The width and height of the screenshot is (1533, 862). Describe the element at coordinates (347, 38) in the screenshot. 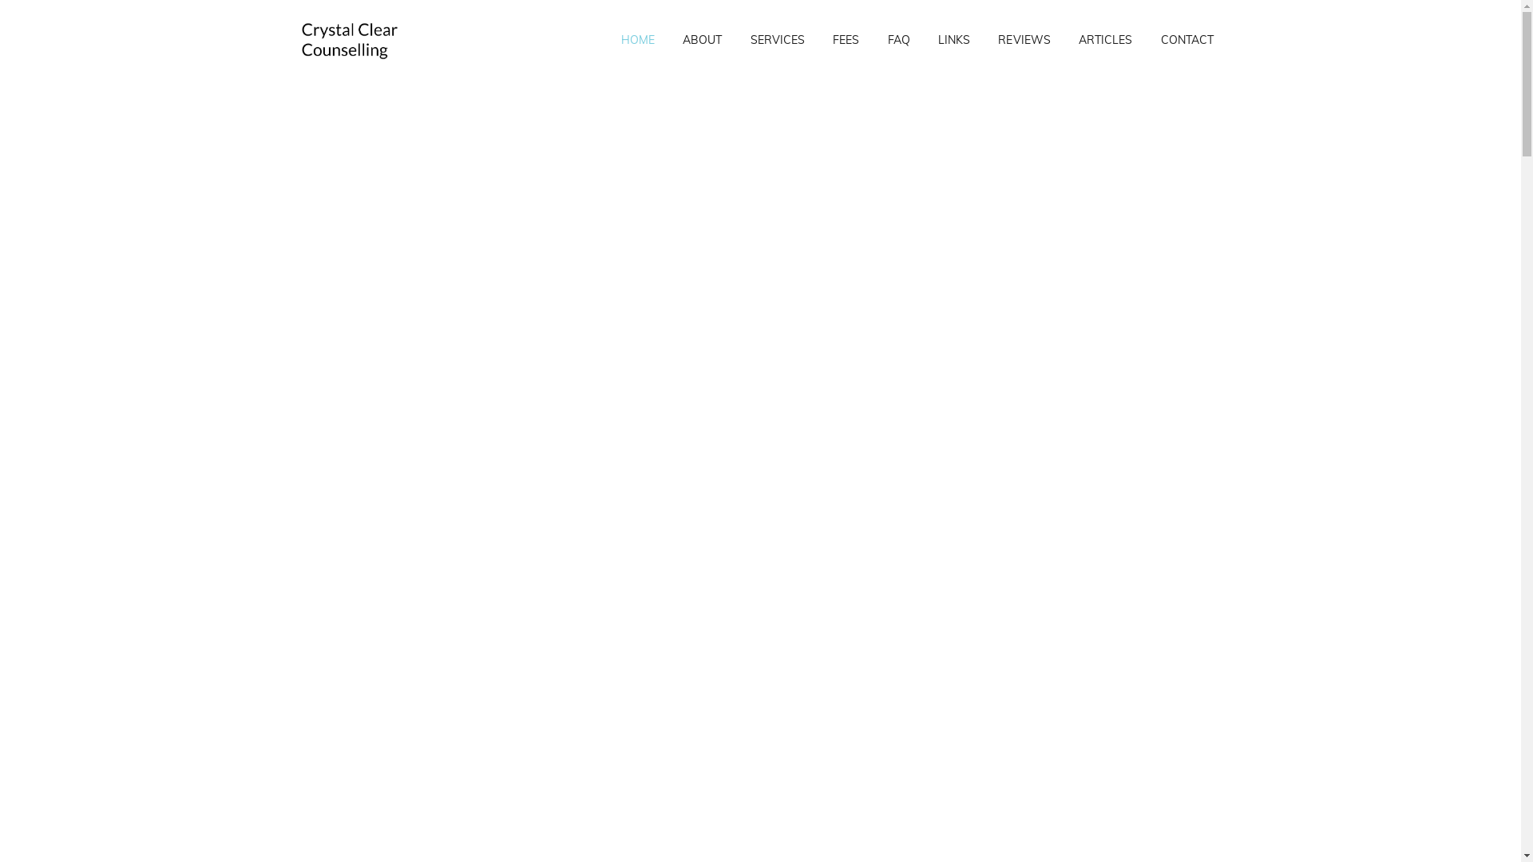

I see `'Crystal Clear Counselling'` at that location.